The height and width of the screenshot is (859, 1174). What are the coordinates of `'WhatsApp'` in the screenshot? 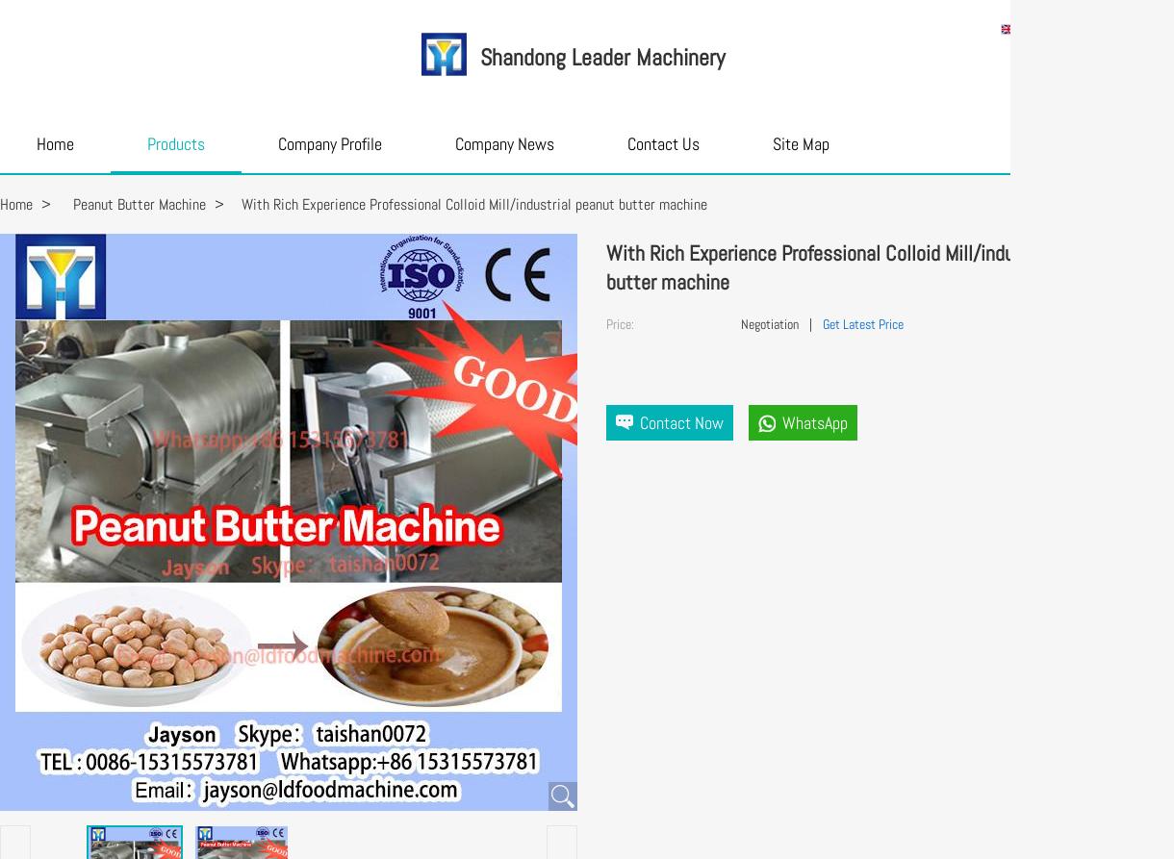 It's located at (815, 422).